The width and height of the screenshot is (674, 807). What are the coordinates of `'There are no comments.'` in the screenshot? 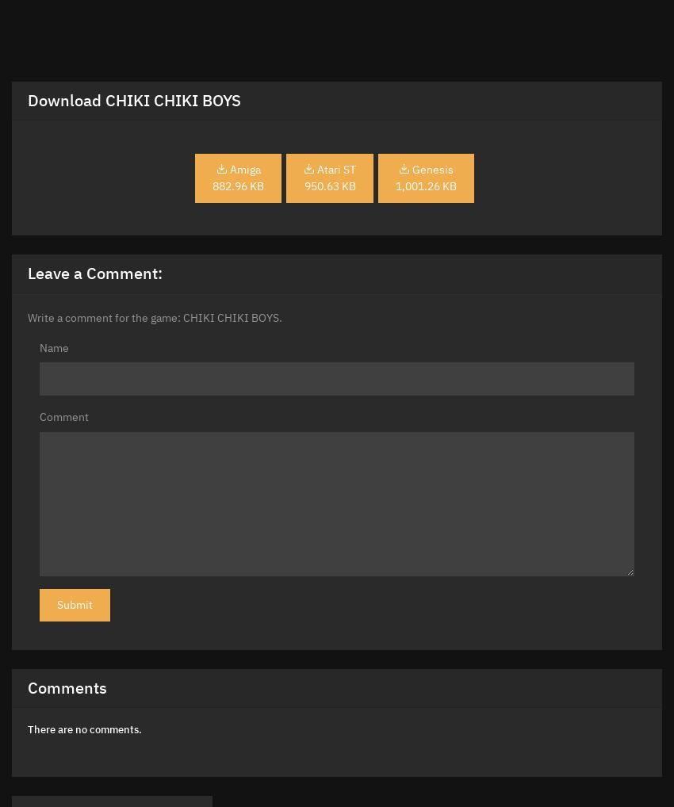 It's located at (84, 729).